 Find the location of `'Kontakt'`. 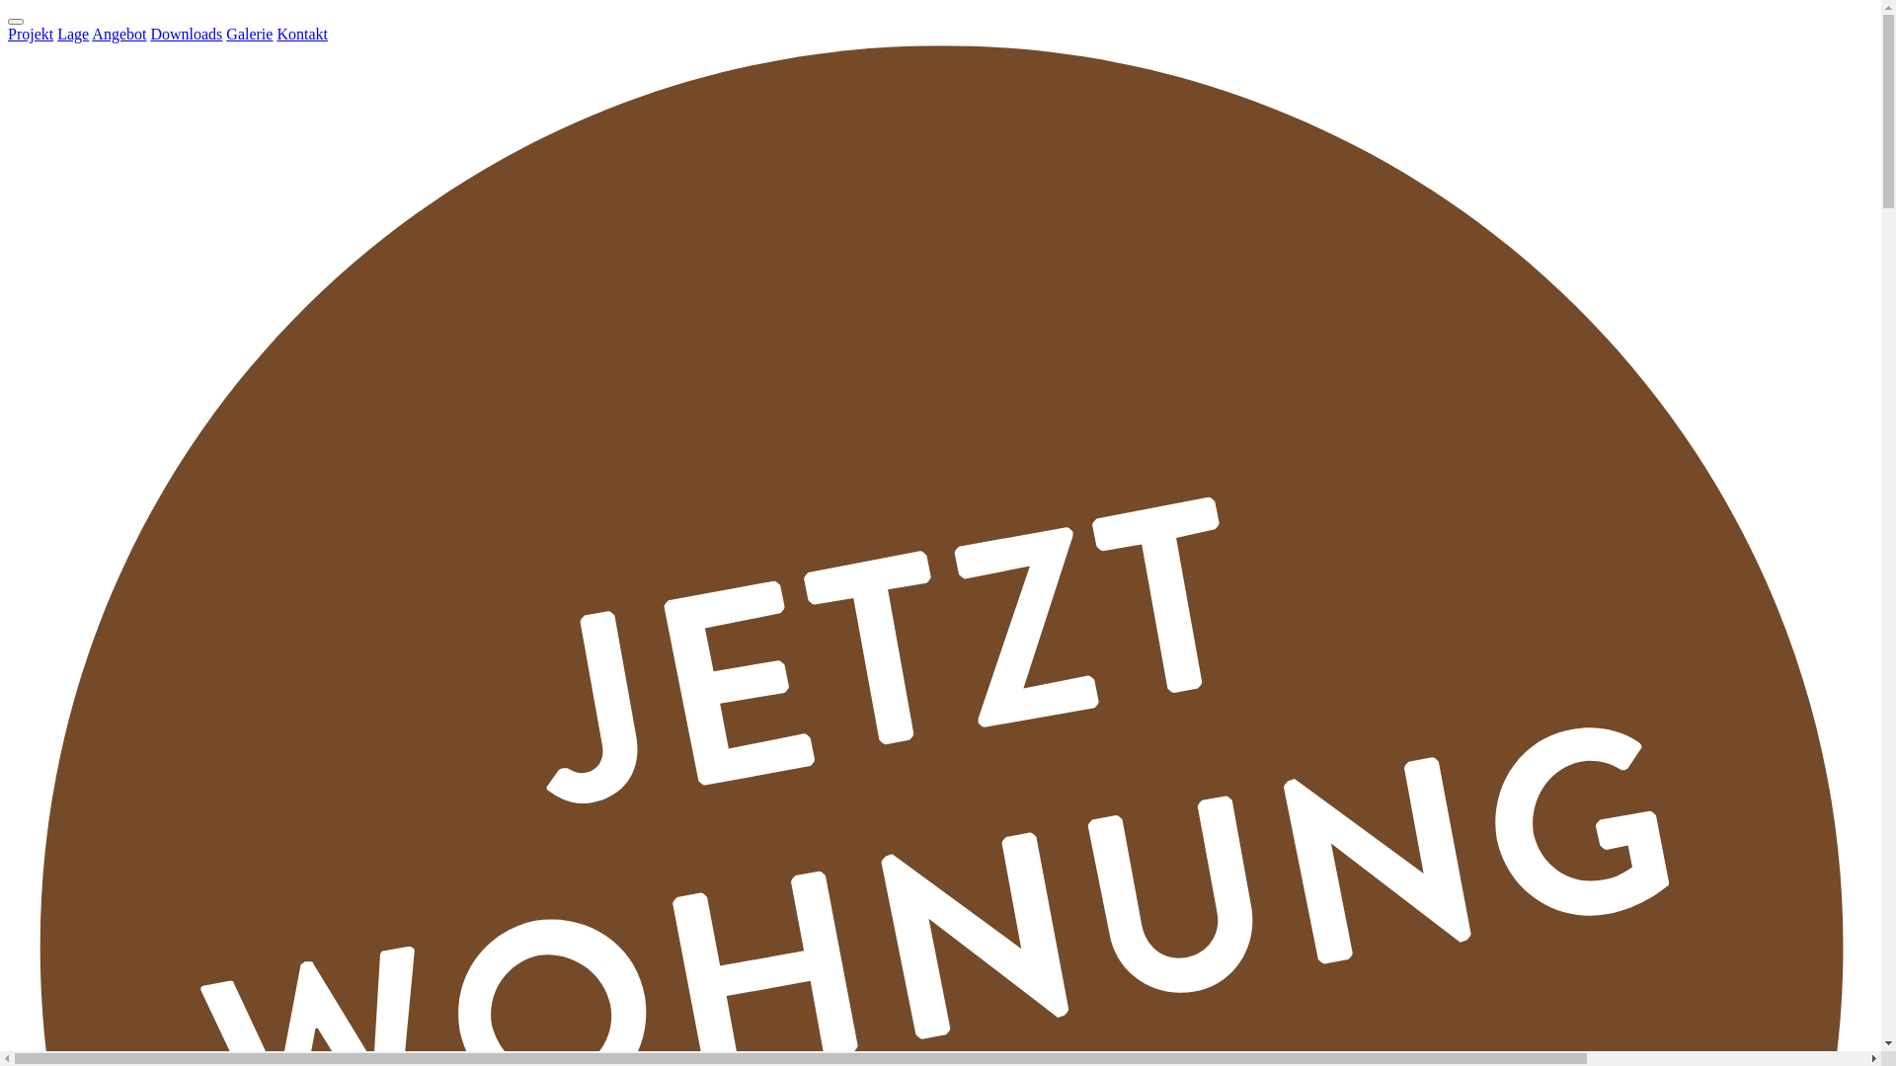

'Kontakt' is located at coordinates (301, 34).